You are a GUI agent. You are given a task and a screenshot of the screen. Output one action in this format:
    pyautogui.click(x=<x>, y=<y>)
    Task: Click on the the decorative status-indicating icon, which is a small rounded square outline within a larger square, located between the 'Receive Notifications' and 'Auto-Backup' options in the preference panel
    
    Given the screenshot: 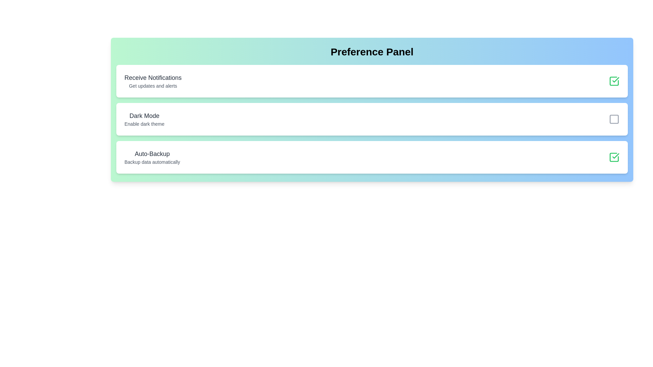 What is the action you would take?
    pyautogui.click(x=614, y=119)
    